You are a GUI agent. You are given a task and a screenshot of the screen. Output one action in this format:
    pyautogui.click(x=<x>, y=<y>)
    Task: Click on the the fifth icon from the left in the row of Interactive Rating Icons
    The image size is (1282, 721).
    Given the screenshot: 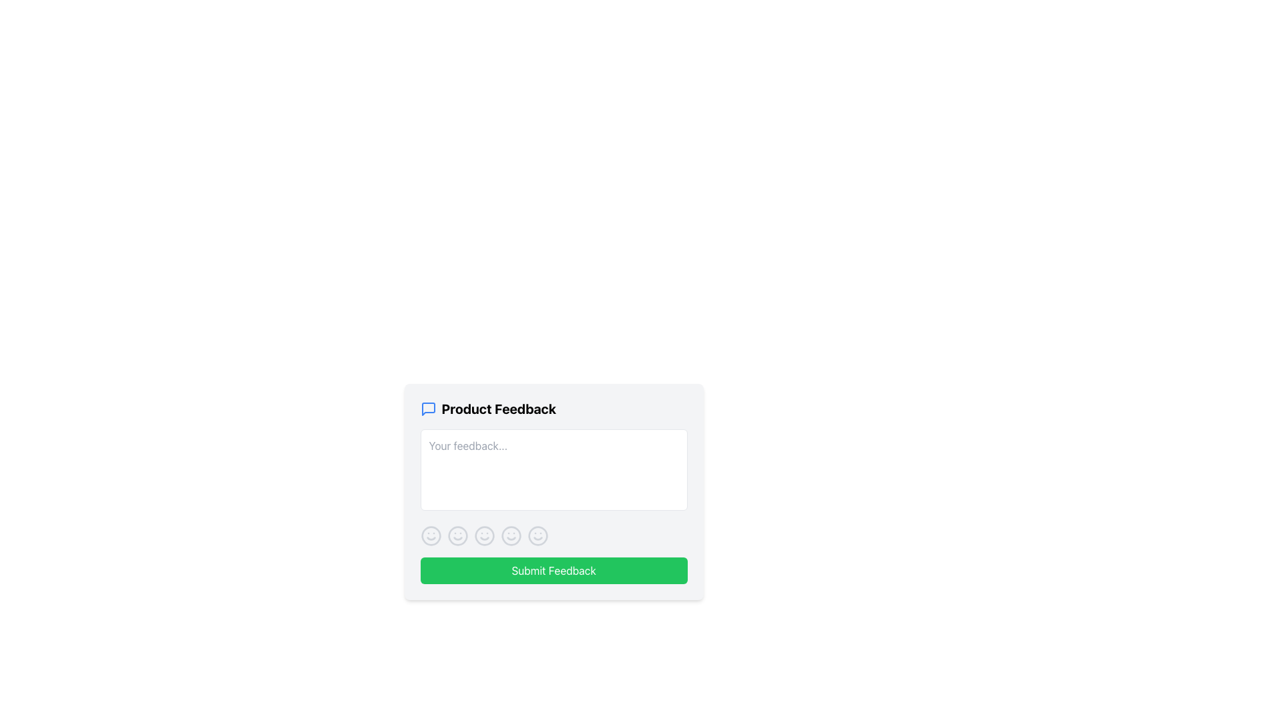 What is the action you would take?
    pyautogui.click(x=538, y=535)
    